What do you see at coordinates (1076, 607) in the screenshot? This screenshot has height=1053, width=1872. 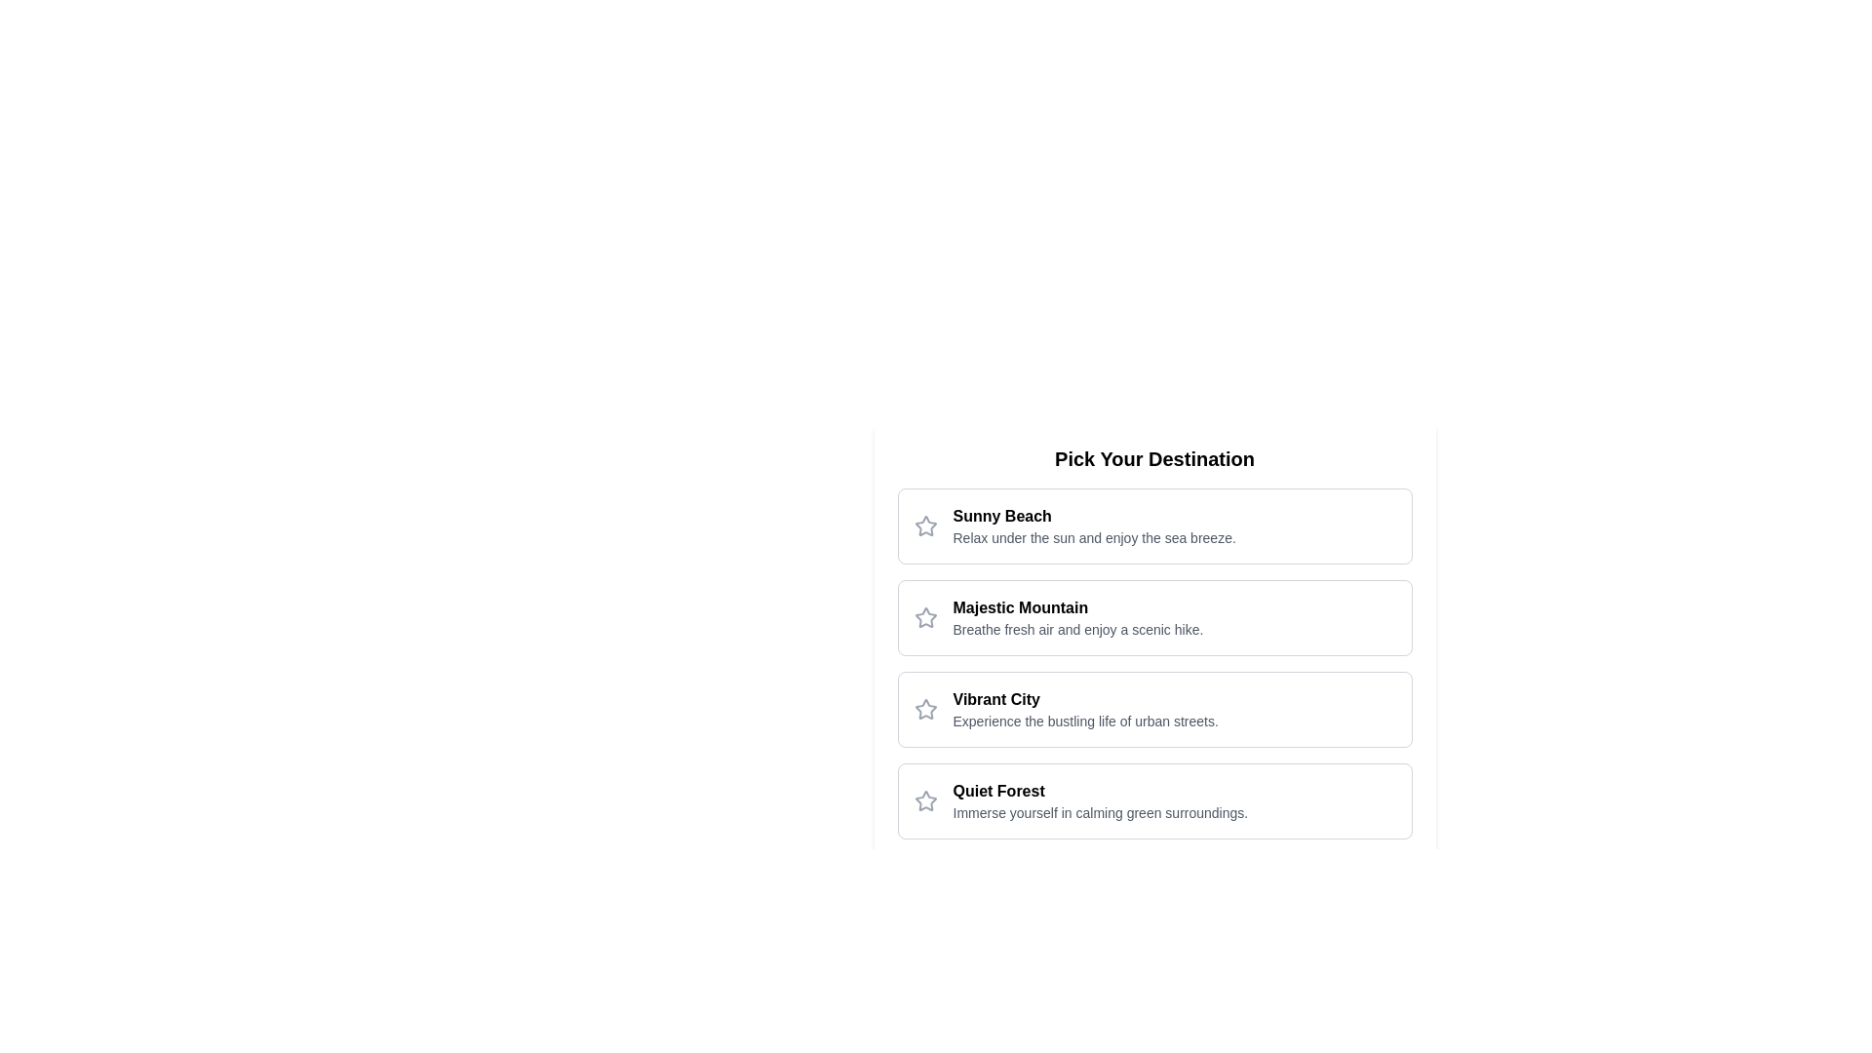 I see `the 'Majestic Mountain' text label which is the title of the second entry in the list of destinations, positioned between 'Sunny Beach' and 'Vibrant City'` at bounding box center [1076, 607].